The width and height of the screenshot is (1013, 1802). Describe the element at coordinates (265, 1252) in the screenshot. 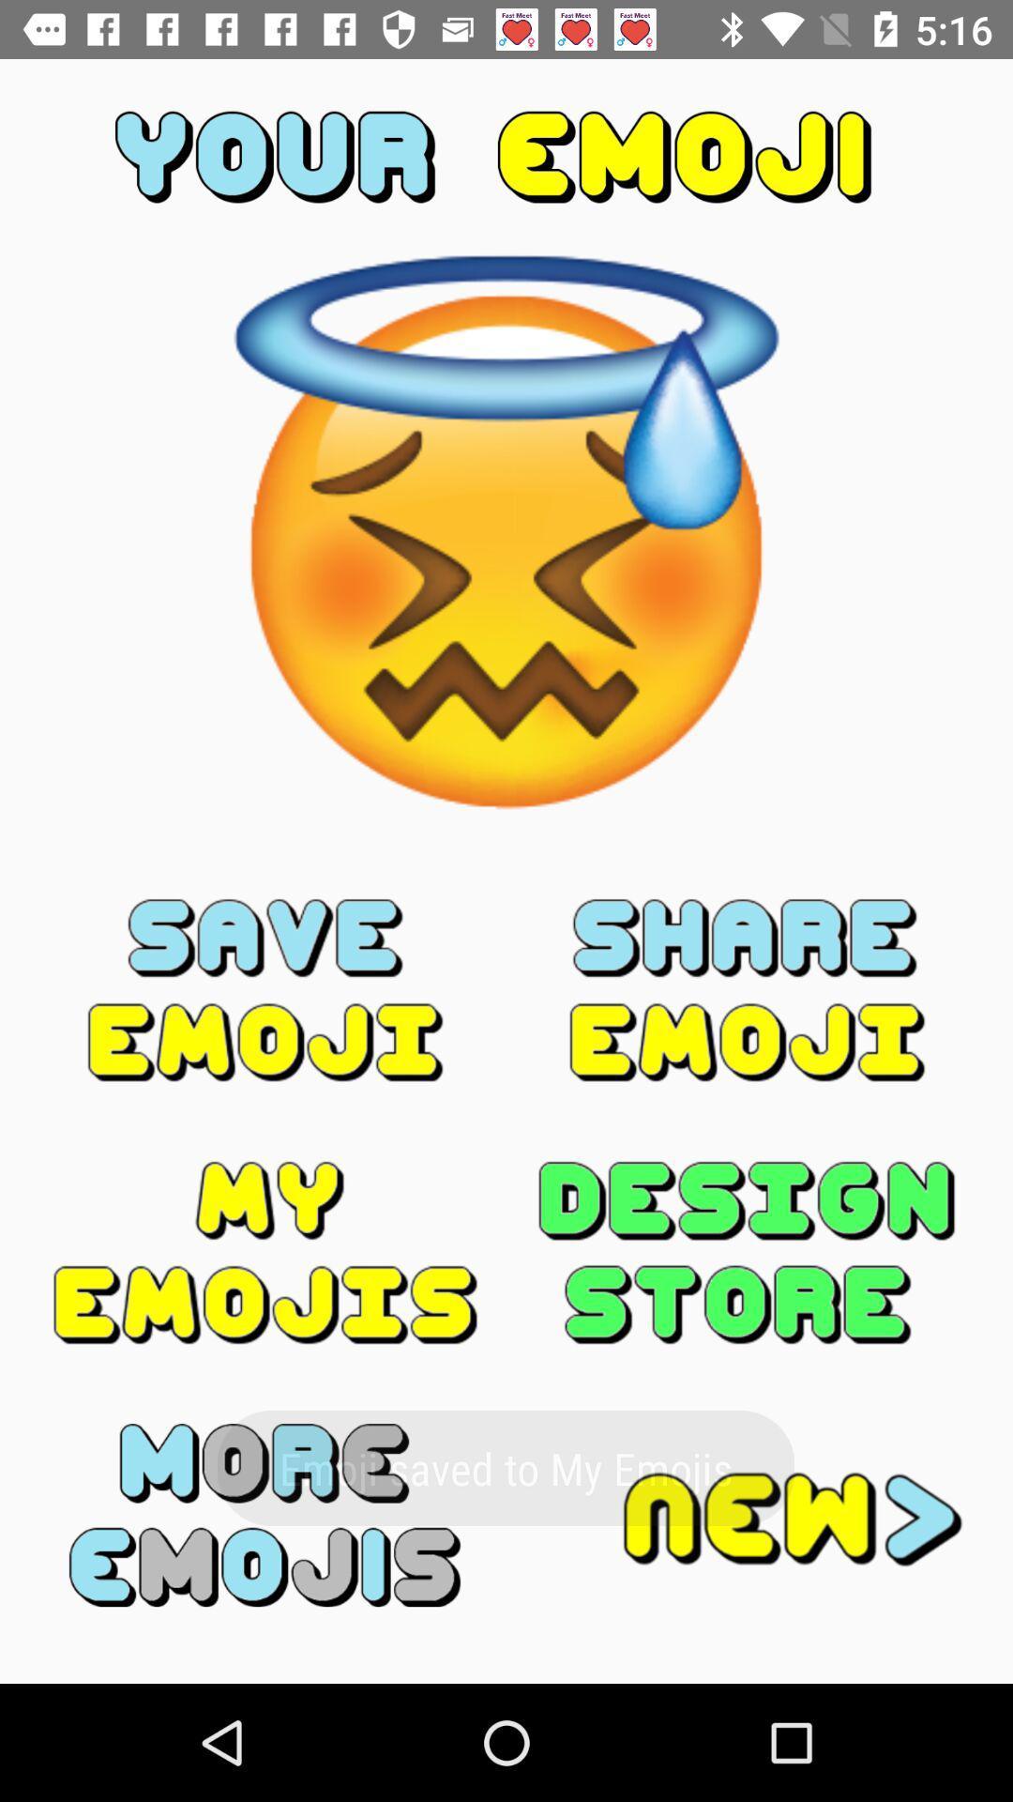

I see `shows all your emojis` at that location.